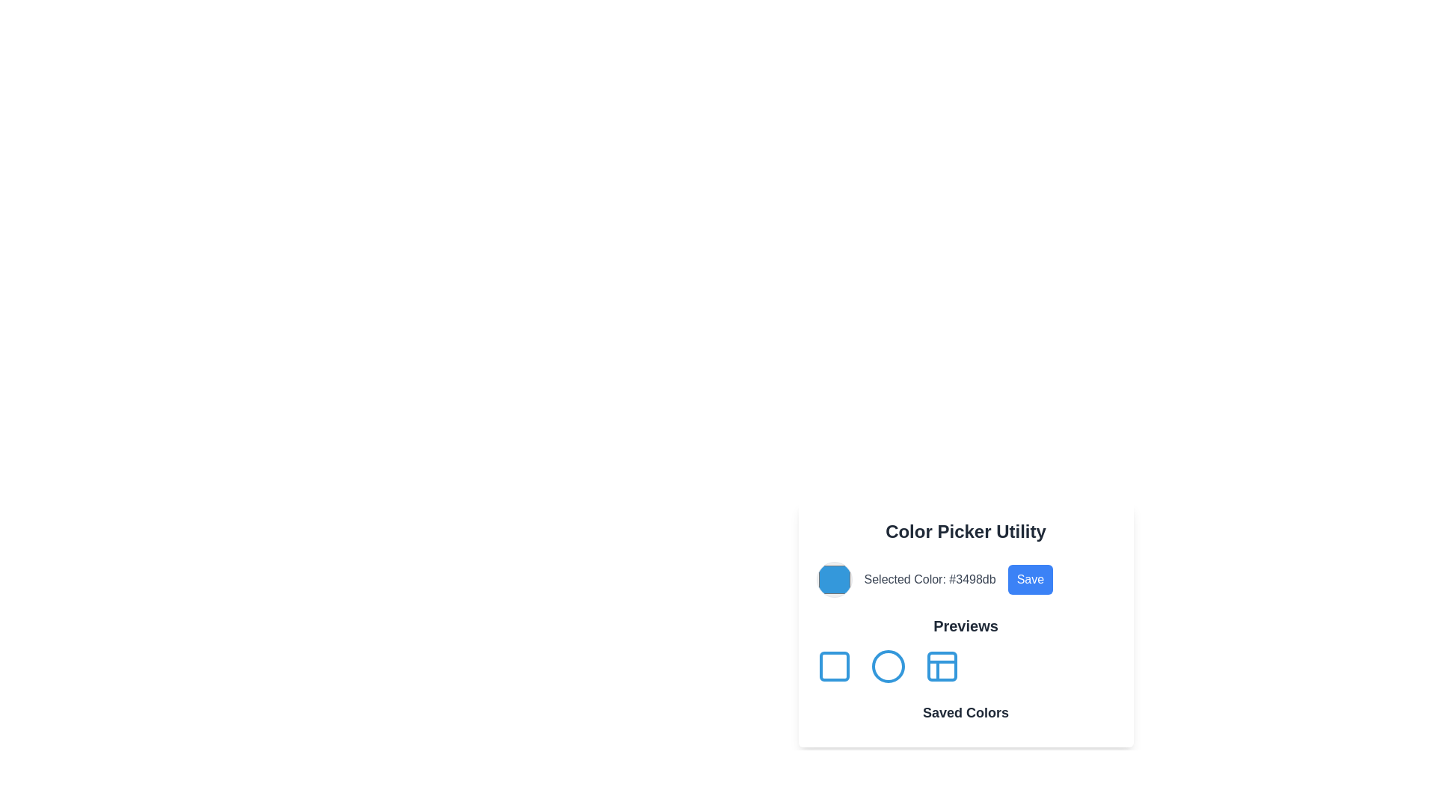 The width and height of the screenshot is (1436, 808). I want to click on the leftmost circular color display in the 'Color Picker Utility' section, so click(833, 579).